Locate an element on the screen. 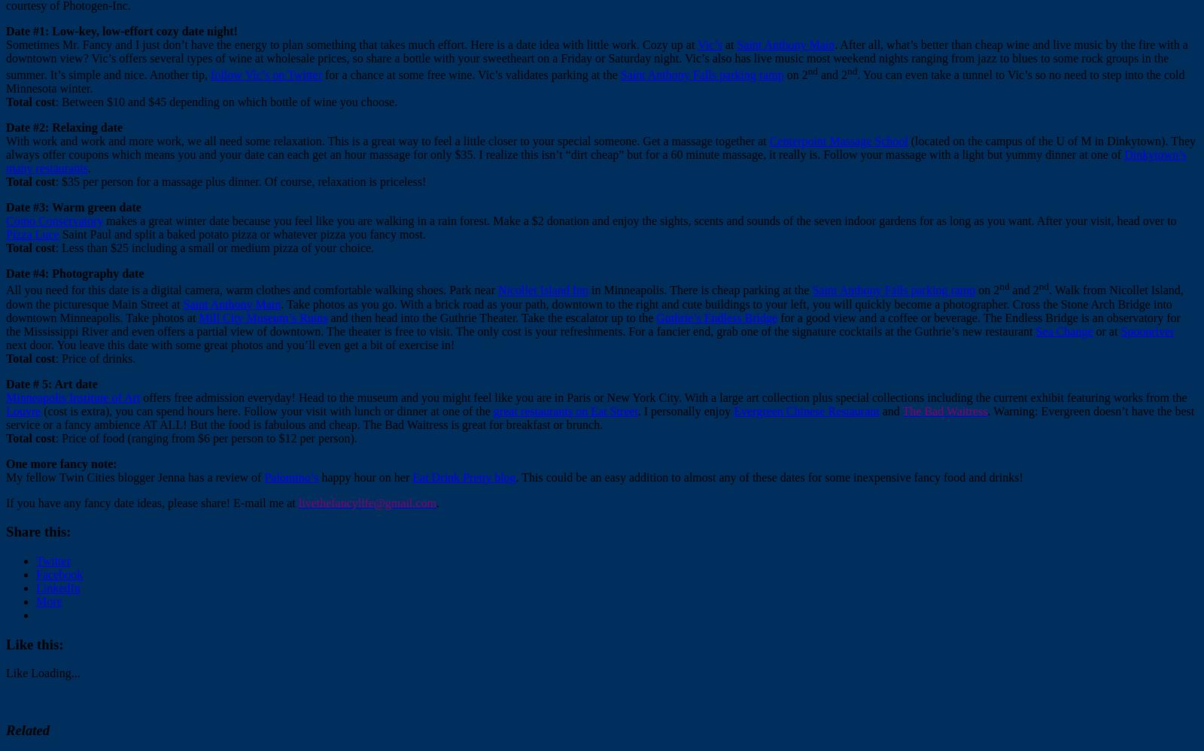 This screenshot has width=1204, height=751. '. I personally enjoy' is located at coordinates (685, 410).